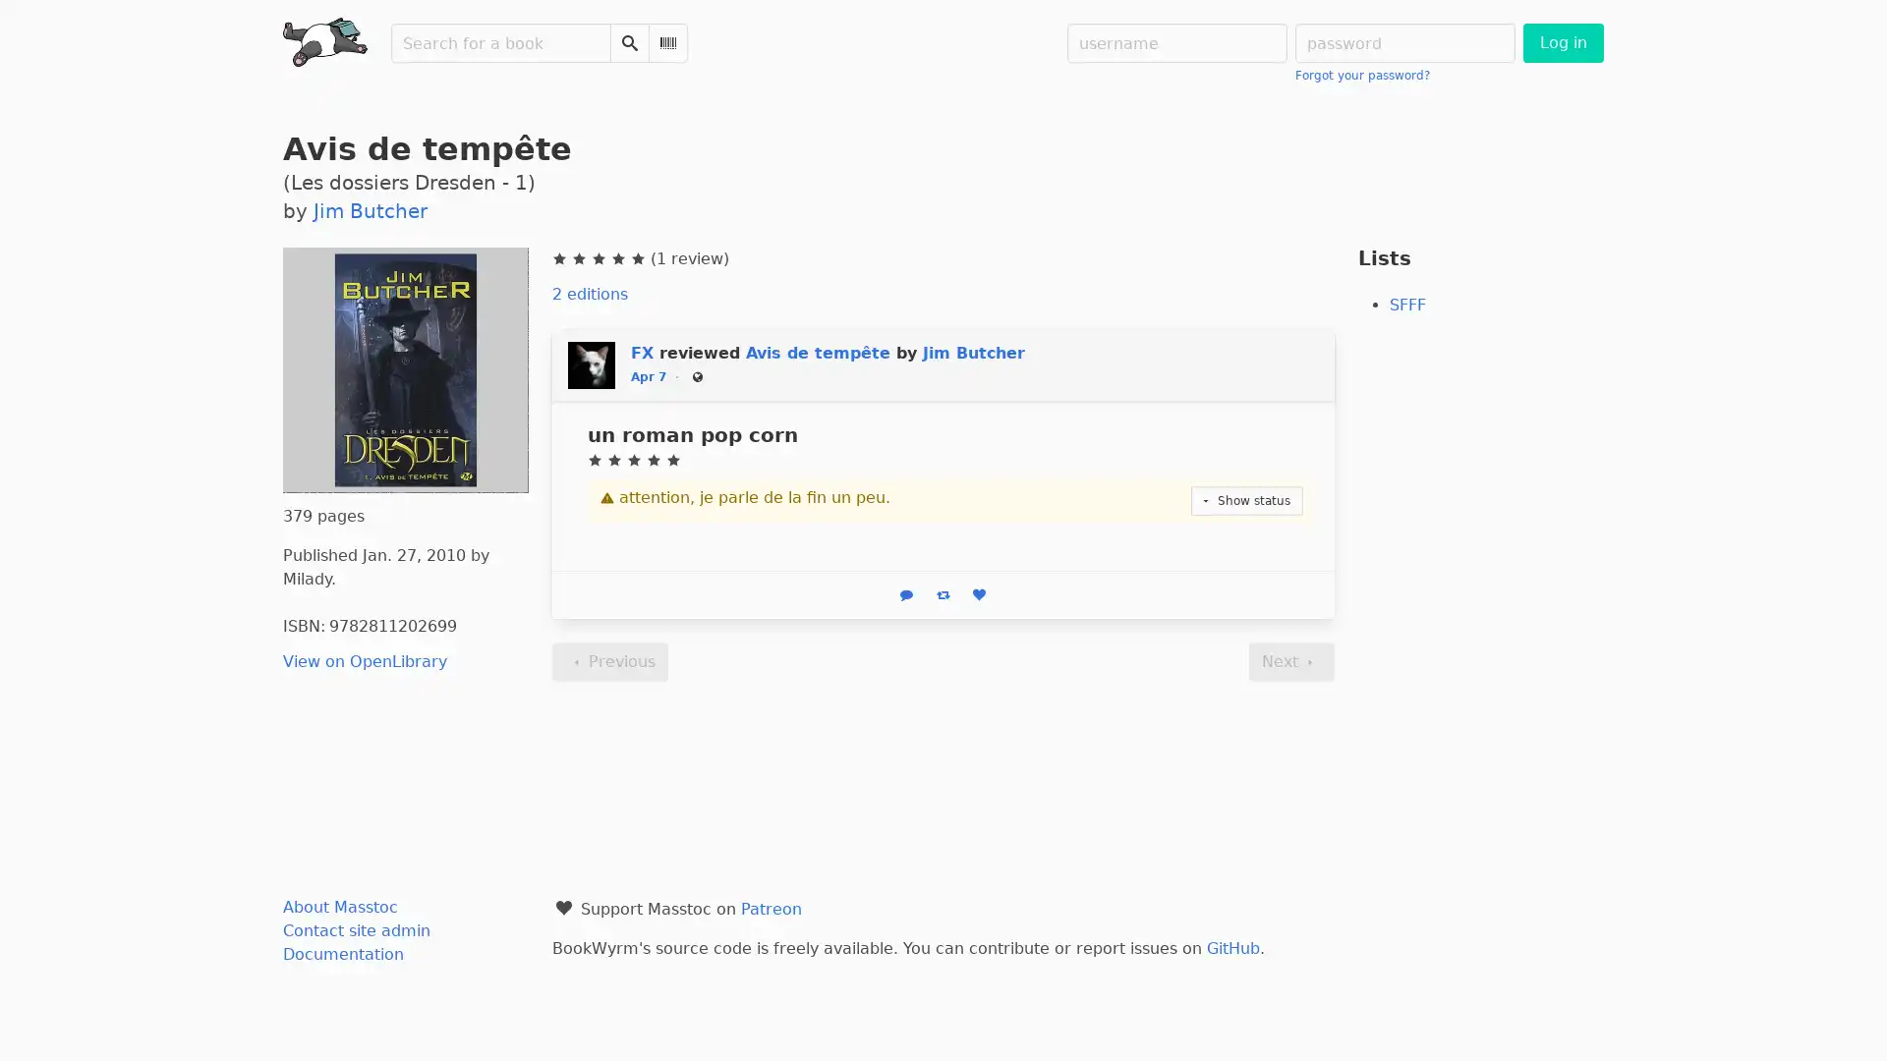 The height and width of the screenshot is (1061, 1887). Describe the element at coordinates (1245, 499) in the screenshot. I see `Show status` at that location.